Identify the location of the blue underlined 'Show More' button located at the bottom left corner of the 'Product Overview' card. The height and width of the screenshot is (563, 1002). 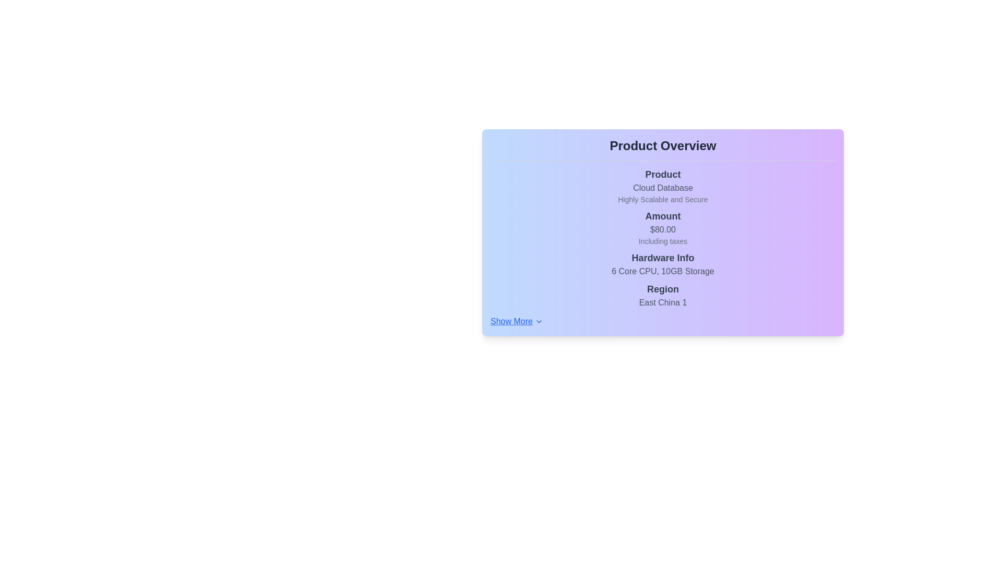
(517, 321).